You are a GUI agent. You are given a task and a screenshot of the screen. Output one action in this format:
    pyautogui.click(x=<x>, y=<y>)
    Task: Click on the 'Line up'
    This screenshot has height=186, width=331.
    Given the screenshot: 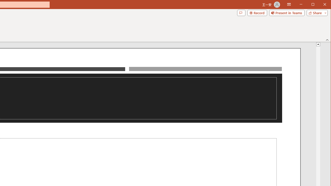 What is the action you would take?
    pyautogui.click(x=318, y=44)
    